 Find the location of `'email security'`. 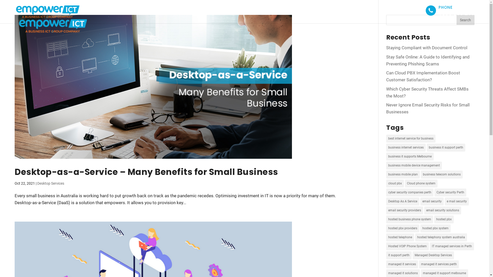

'email security' is located at coordinates (432, 201).